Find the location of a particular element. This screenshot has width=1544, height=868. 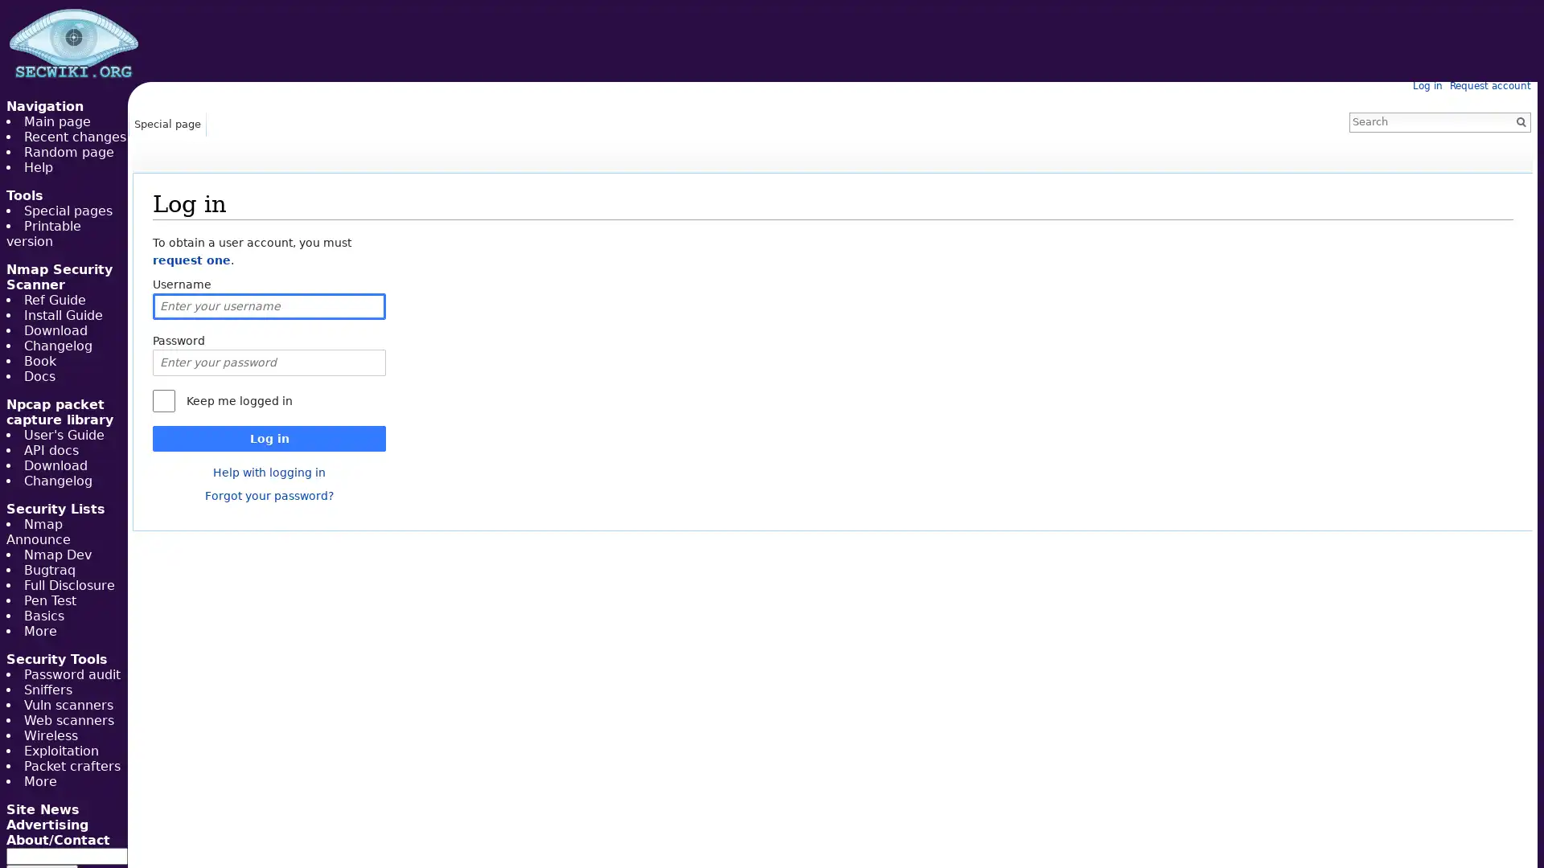

Log in is located at coordinates (269, 437).